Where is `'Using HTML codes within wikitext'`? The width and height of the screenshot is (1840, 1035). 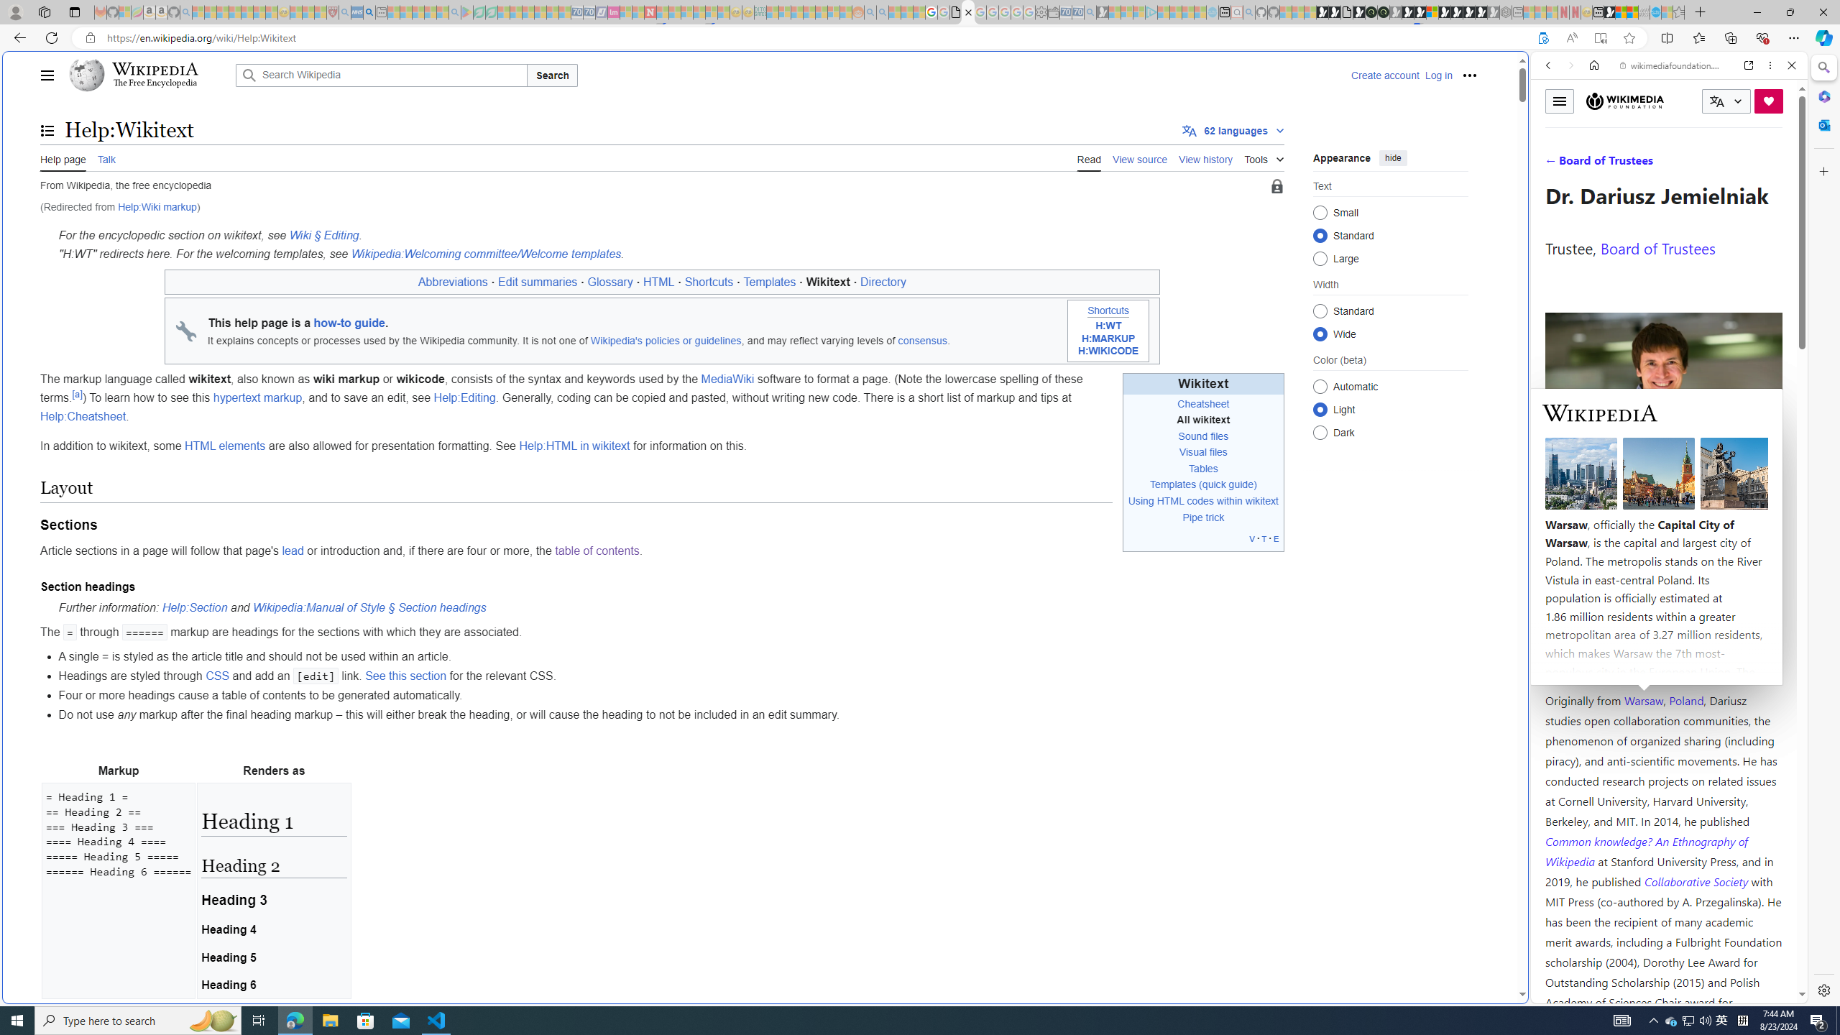 'Using HTML codes within wikitext' is located at coordinates (1203, 500).